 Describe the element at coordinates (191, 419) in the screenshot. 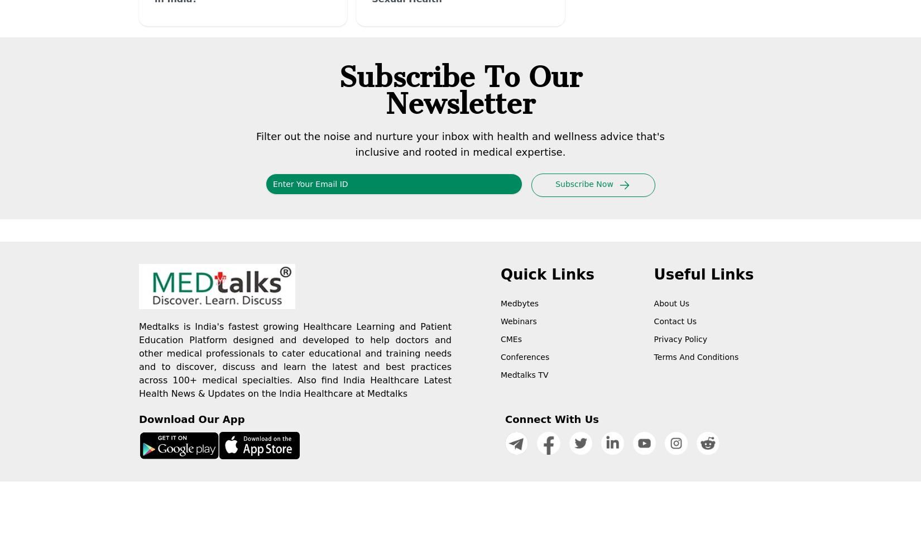

I see `'Download Our App'` at that location.